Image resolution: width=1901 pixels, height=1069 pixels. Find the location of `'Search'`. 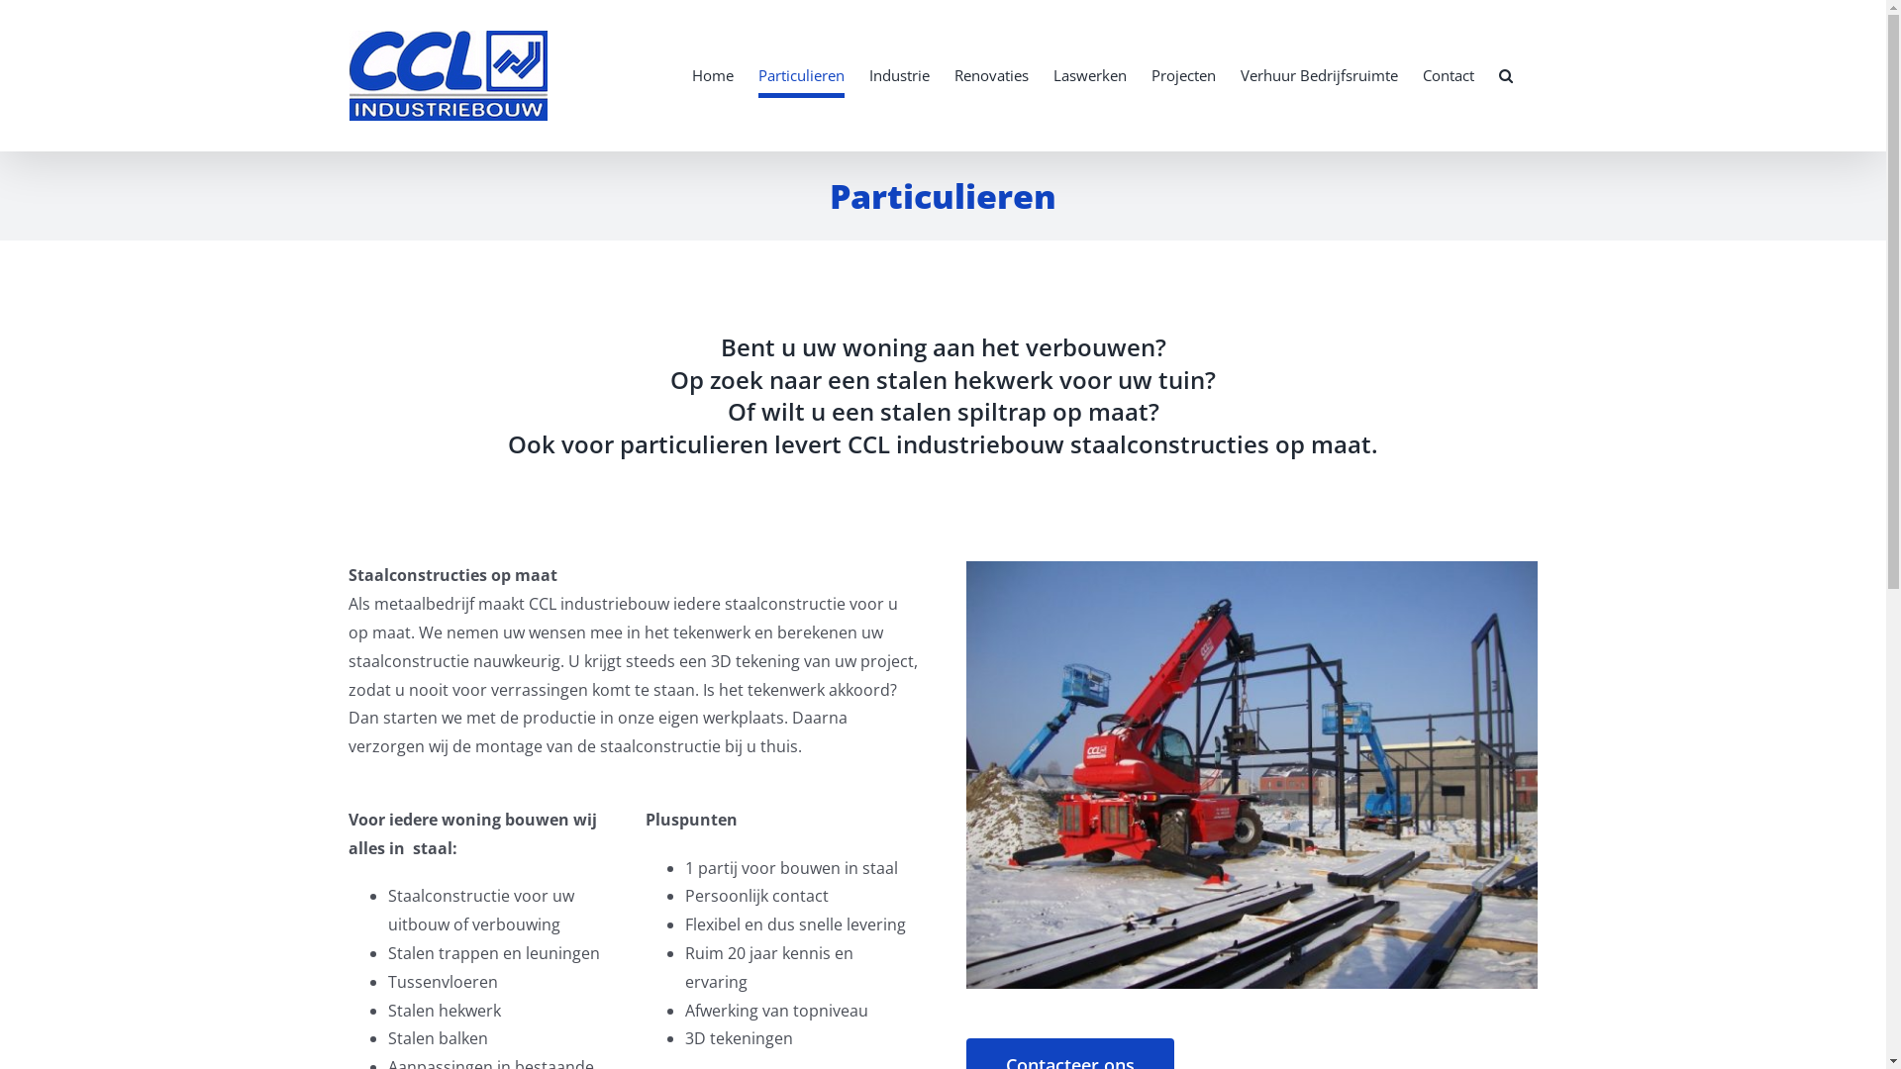

'Search' is located at coordinates (1505, 74).